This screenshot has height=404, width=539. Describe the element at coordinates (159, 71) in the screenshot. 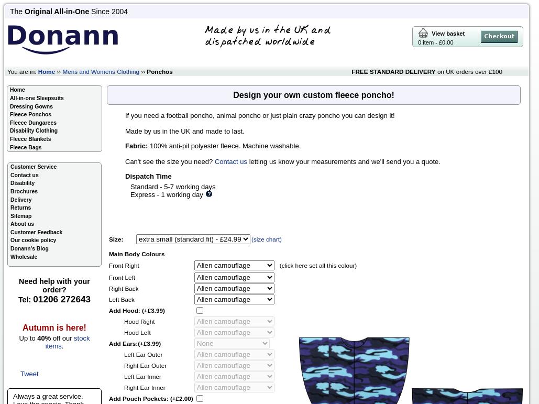

I see `'Ponchos'` at that location.